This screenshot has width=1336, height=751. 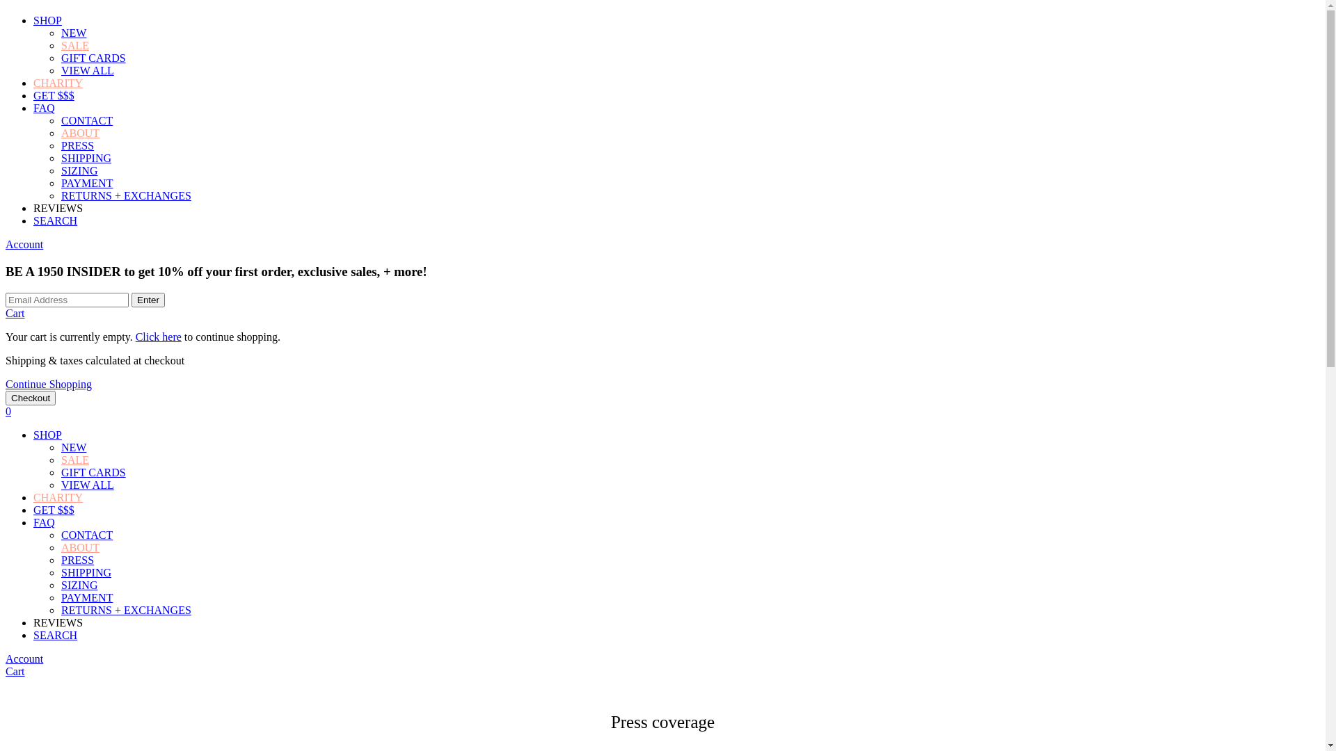 I want to click on 'Click here', so click(x=158, y=337).